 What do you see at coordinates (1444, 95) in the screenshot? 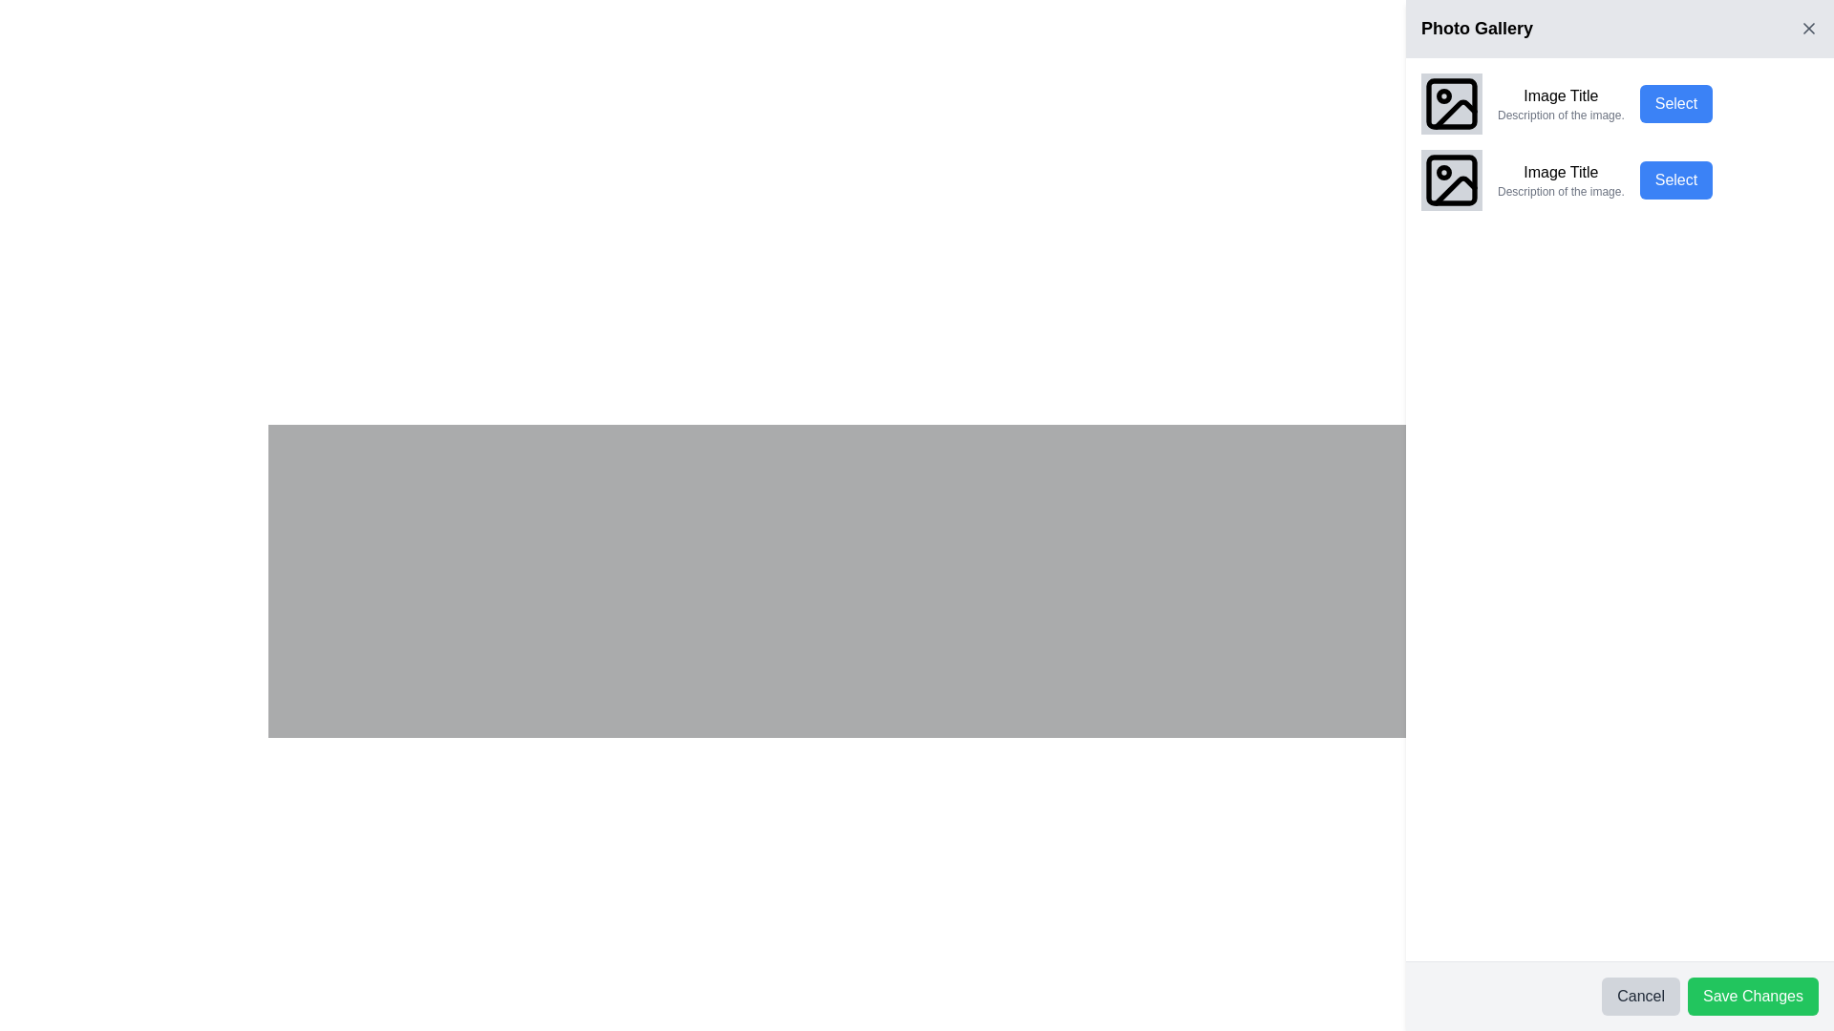
I see `the decorative circle element within the SVG graphic located at the top of the photo gallery interface` at bounding box center [1444, 95].